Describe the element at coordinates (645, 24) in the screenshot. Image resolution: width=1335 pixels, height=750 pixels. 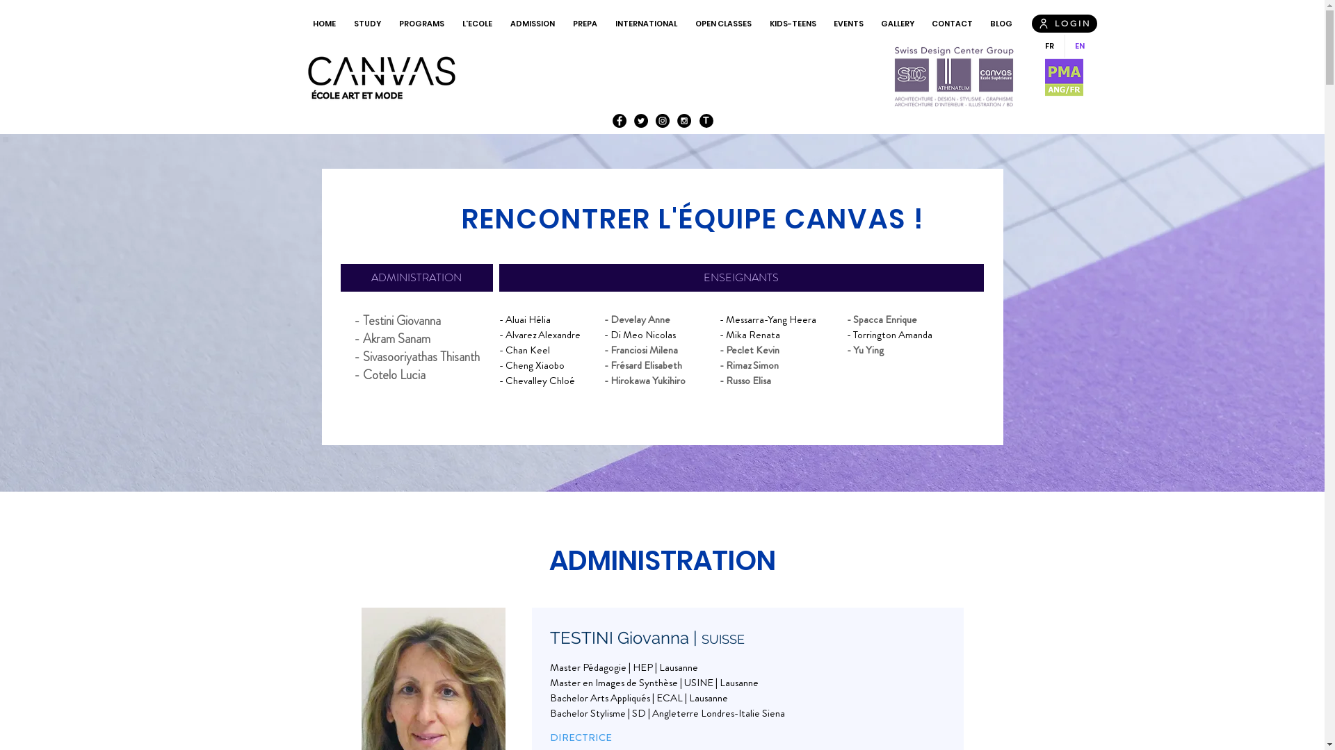
I see `'INTERNATIONAL'` at that location.